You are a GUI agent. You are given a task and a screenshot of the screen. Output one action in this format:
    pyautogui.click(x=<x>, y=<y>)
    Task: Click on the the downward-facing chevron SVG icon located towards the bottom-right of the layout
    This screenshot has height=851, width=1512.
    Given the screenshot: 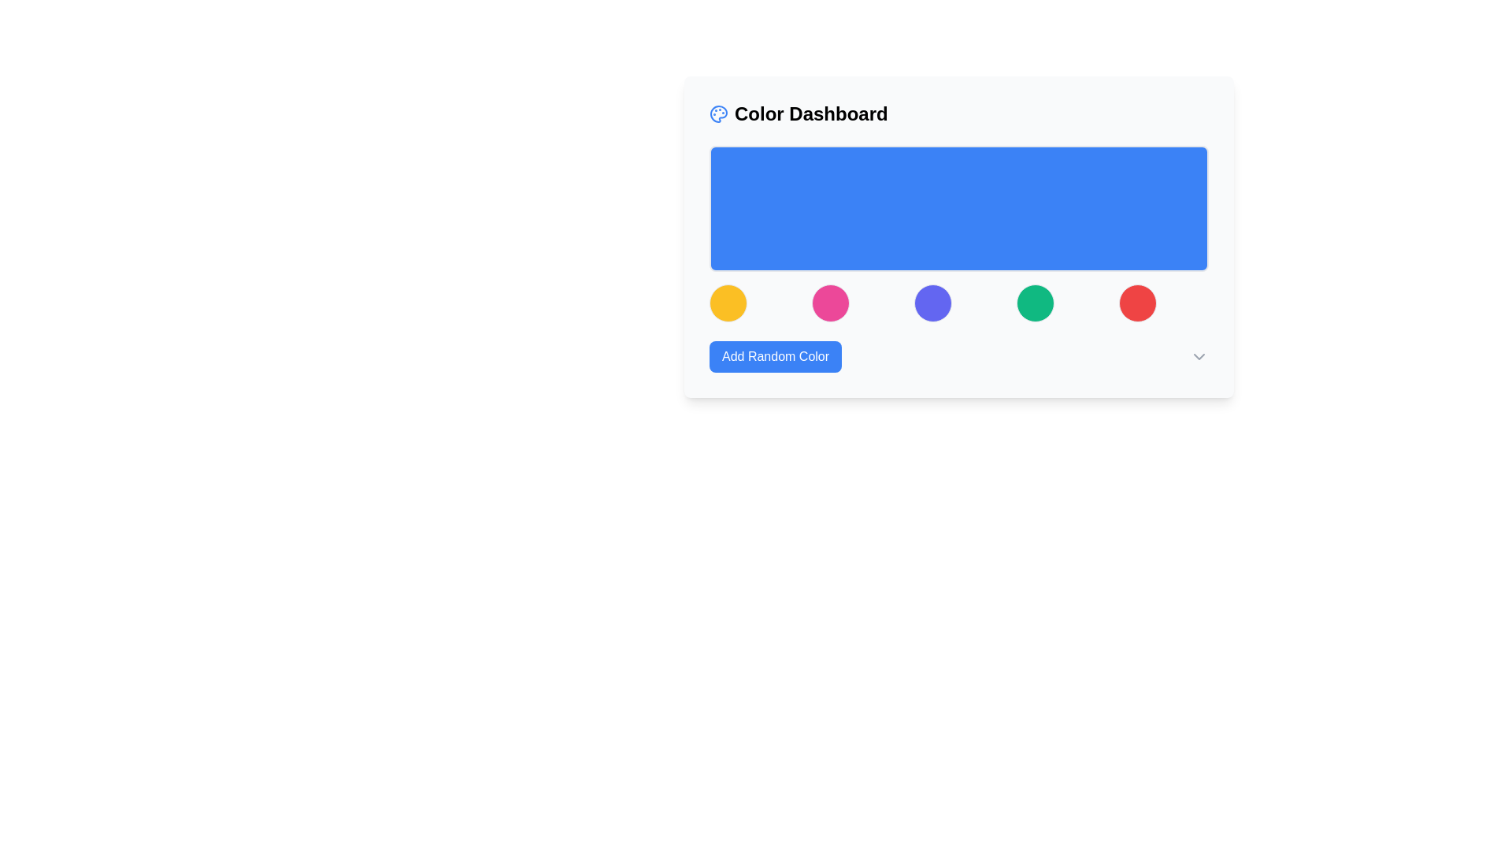 What is the action you would take?
    pyautogui.click(x=1198, y=356)
    